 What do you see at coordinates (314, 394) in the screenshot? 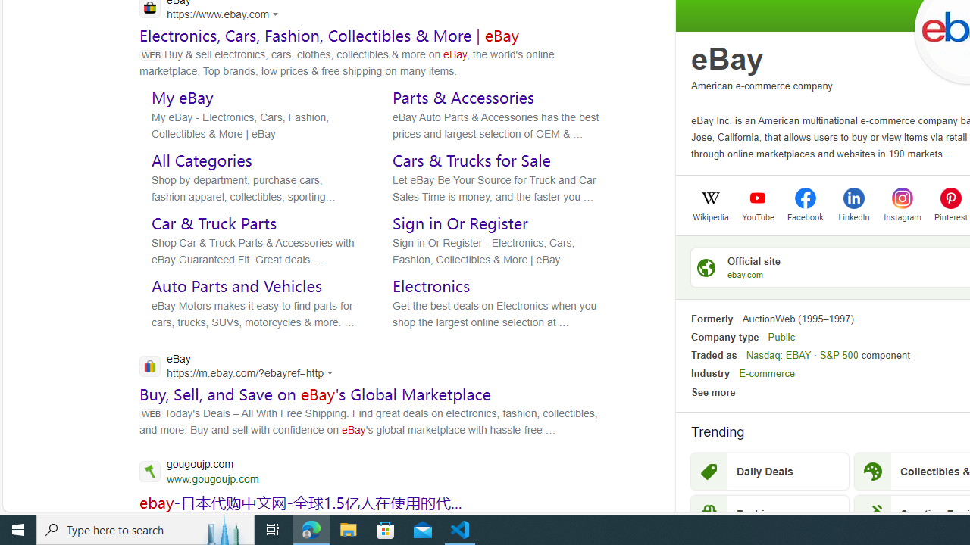
I see `'Buy, Sell, and Save on eBay'` at bounding box center [314, 394].